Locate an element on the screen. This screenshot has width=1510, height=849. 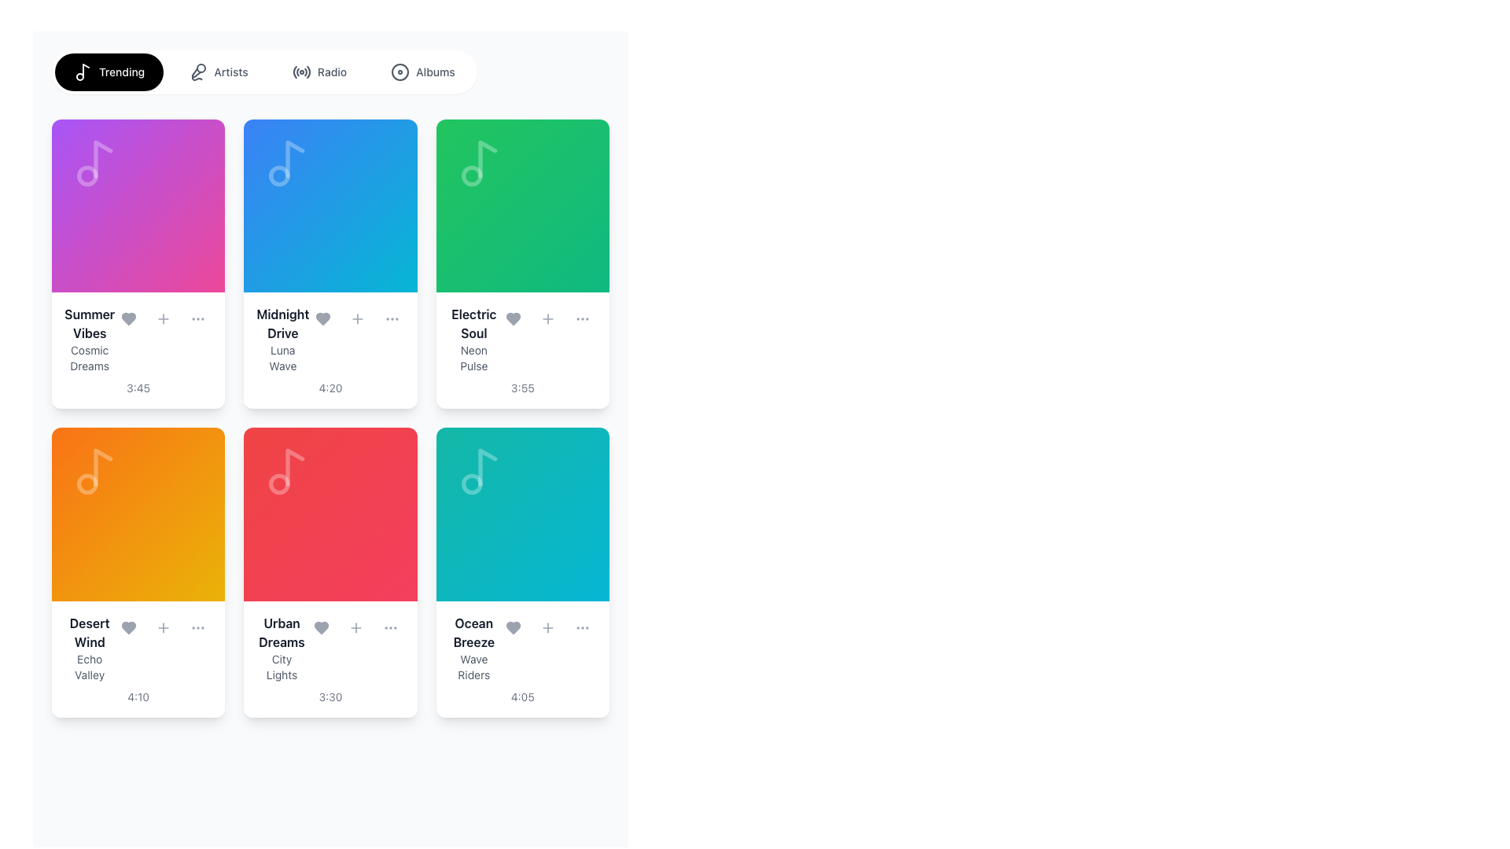
the interactive button that adds the song 'Desert Wind' to favorites, located in the second row and first column of the grid is located at coordinates (164, 627).